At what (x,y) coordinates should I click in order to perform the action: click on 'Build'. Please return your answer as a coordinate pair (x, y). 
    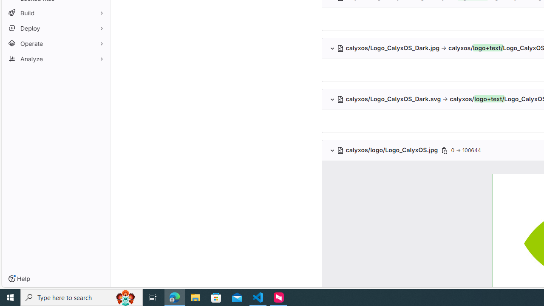
    Looking at the image, I should click on (55, 13).